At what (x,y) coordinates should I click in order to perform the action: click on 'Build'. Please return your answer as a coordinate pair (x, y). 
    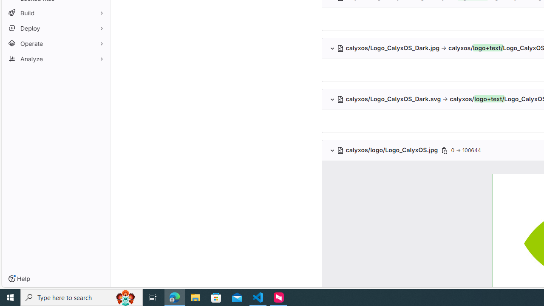
    Looking at the image, I should click on (55, 13).